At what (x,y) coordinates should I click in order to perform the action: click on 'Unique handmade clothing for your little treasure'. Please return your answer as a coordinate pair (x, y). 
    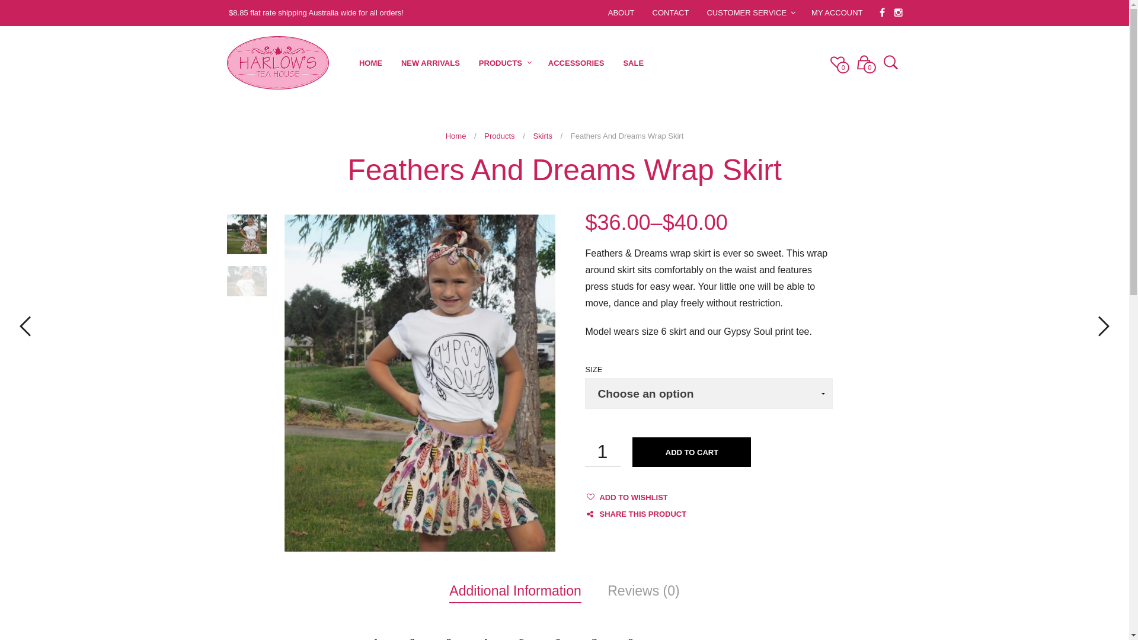
    Looking at the image, I should click on (226, 62).